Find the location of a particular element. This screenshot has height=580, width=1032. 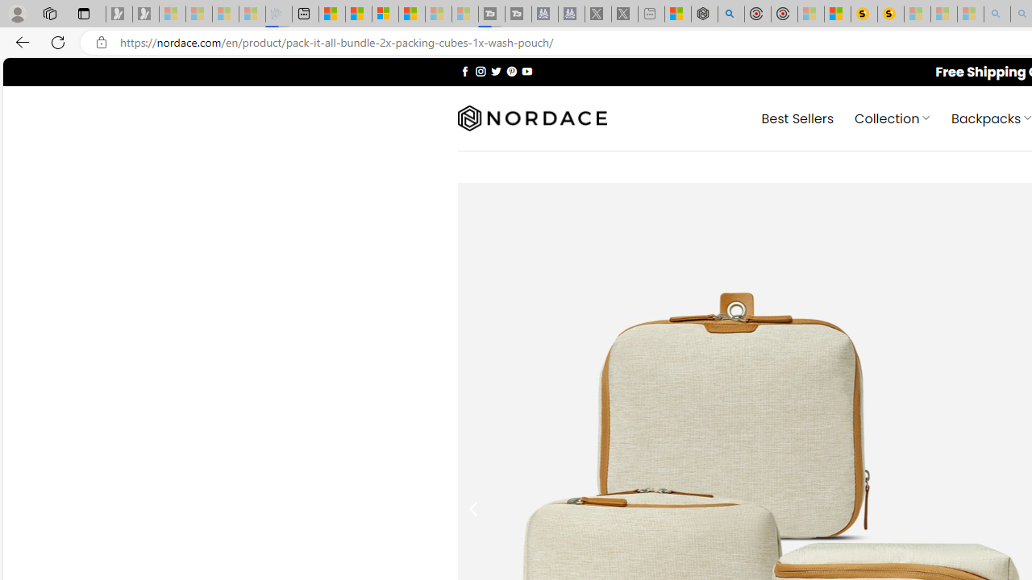

'X - Sleeping' is located at coordinates (624, 14).